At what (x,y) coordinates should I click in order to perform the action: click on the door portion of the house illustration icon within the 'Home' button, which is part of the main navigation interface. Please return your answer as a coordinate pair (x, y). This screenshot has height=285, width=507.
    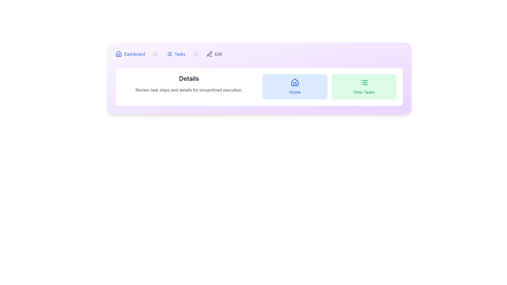
    Looking at the image, I should click on (295, 84).